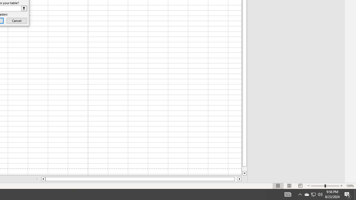 Image resolution: width=356 pixels, height=200 pixels. Describe the element at coordinates (236, 179) in the screenshot. I see `'Page right'` at that location.